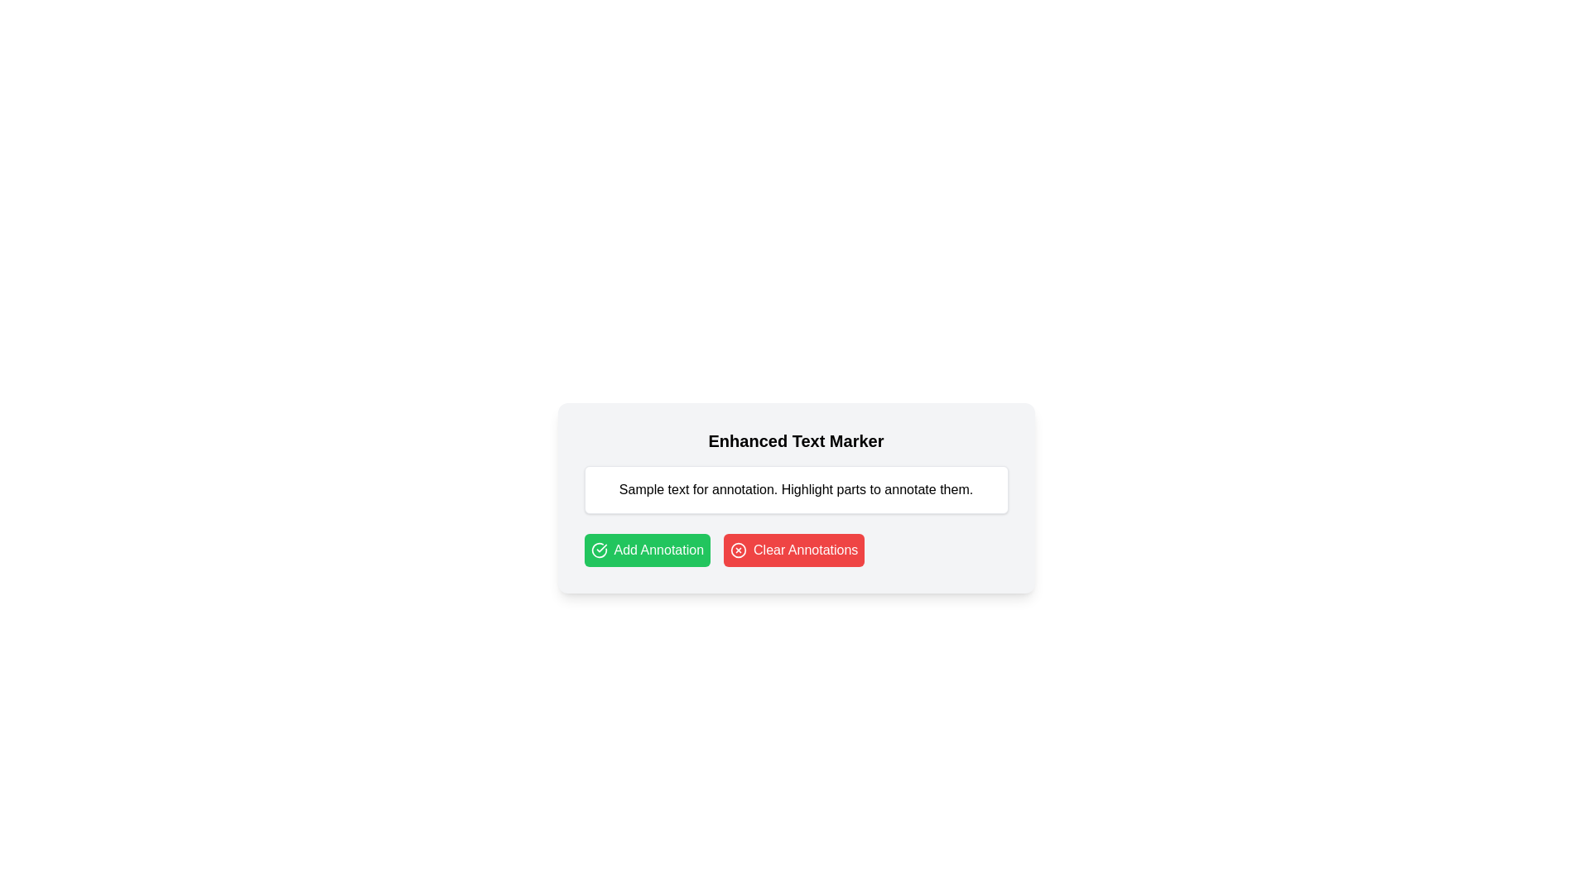  I want to click on the 25th character in the text string 'Sample text for annotation. Highlight parts to annotate them.' which is displayed in a white text box area near the upper-center of the interface, so click(762, 488).